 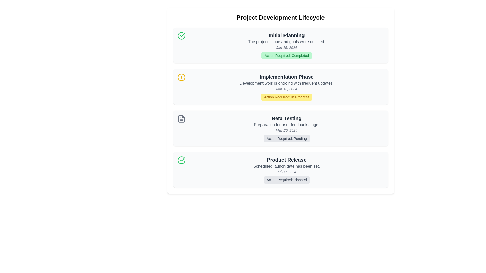 I want to click on the centered heading displaying 'Project Development Lifecycle' which is bold and large with a black font, located at the top of the white card, so click(x=280, y=17).